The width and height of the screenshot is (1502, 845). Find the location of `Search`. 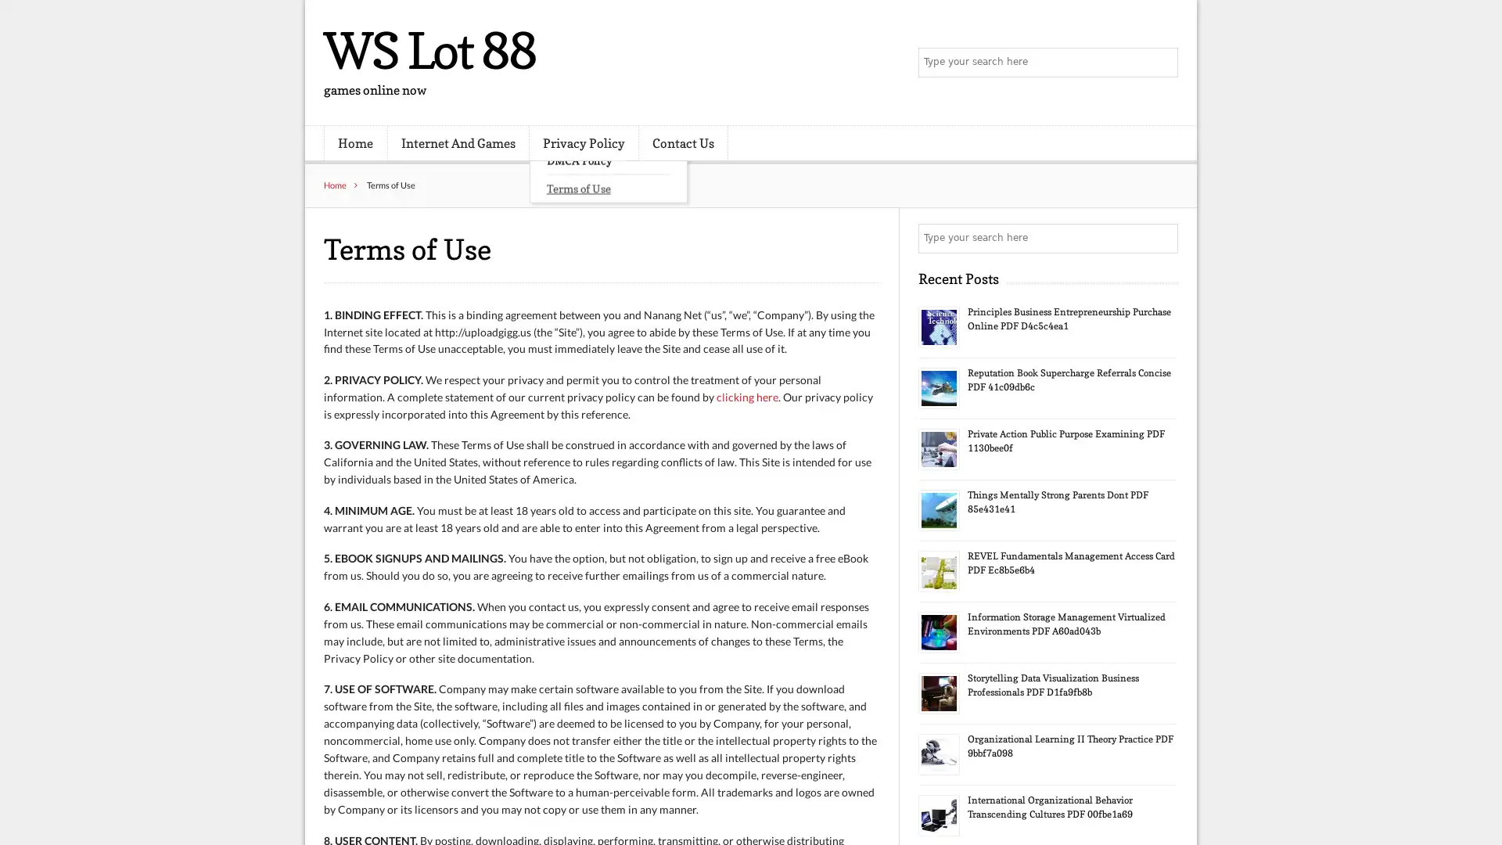

Search is located at coordinates (1162, 238).